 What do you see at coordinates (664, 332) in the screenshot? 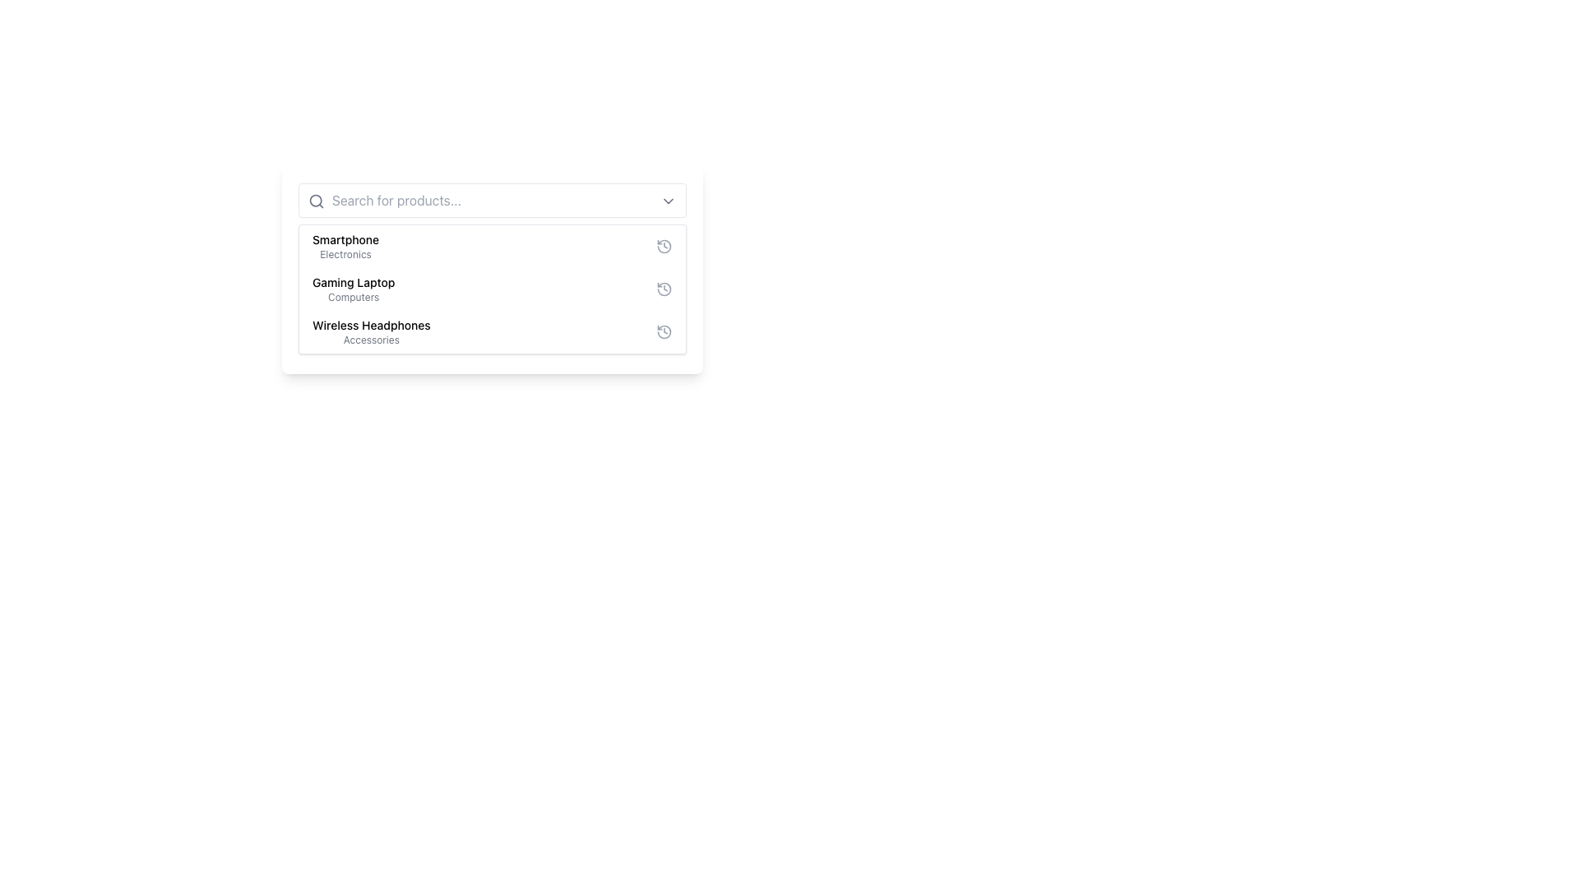
I see `the icon representing the action of viewing item history for the 'Wireless Headphones' list item, located on the far right of the associated list item` at bounding box center [664, 332].